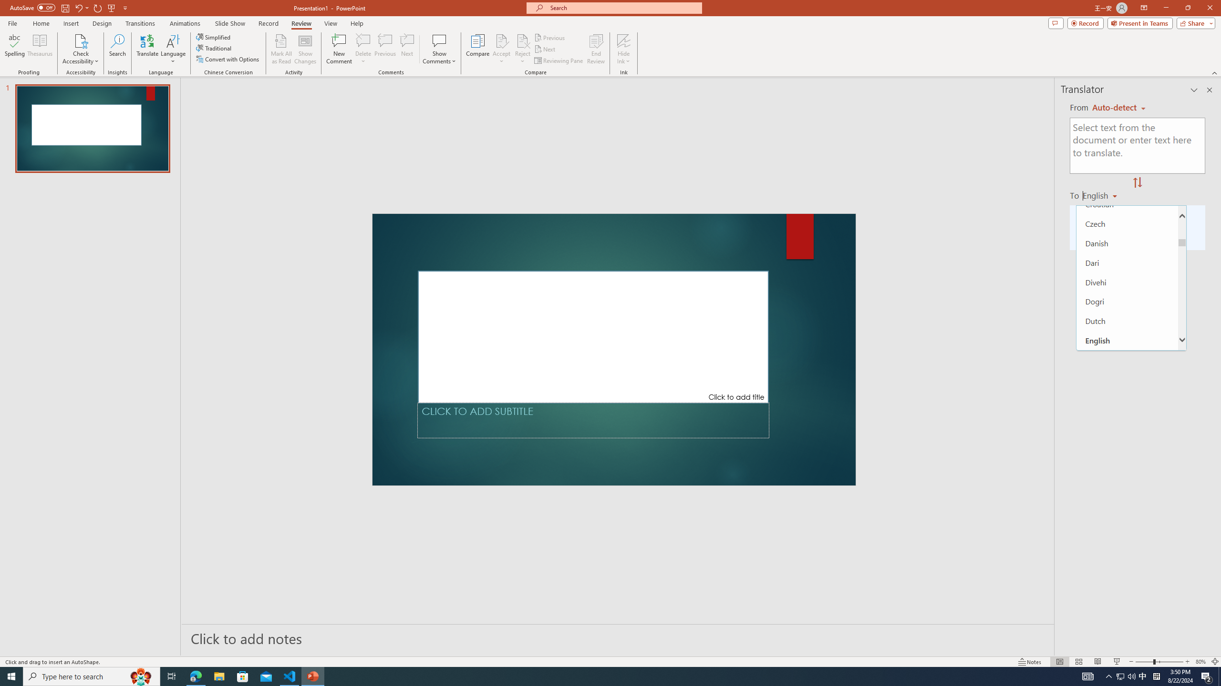 The height and width of the screenshot is (686, 1221). What do you see at coordinates (1128, 340) in the screenshot?
I see `'English'` at bounding box center [1128, 340].